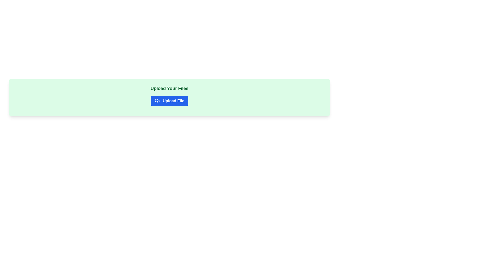 This screenshot has width=480, height=270. Describe the element at coordinates (169, 101) in the screenshot. I see `the upload button located centrally under the 'Upload Your Files' header, which has a light green background` at that location.